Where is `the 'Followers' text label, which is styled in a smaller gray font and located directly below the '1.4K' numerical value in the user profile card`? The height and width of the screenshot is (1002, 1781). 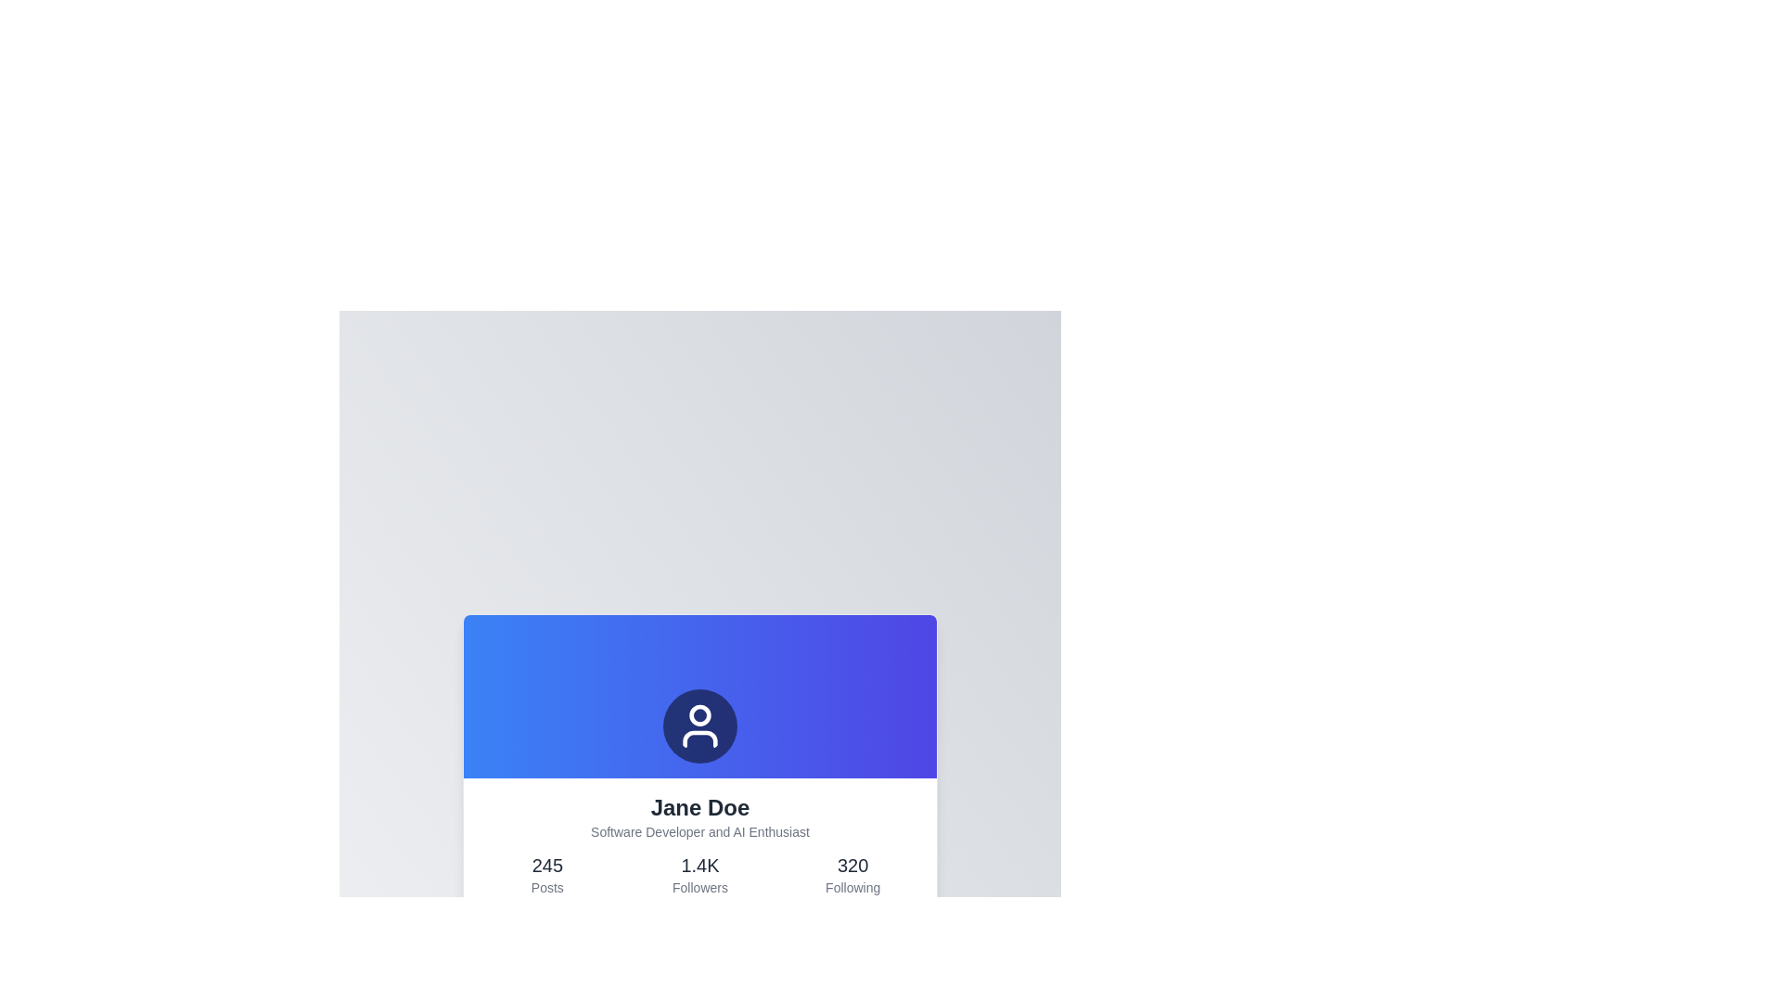
the 'Followers' text label, which is styled in a smaller gray font and located directly below the '1.4K' numerical value in the user profile card is located at coordinates (698, 886).